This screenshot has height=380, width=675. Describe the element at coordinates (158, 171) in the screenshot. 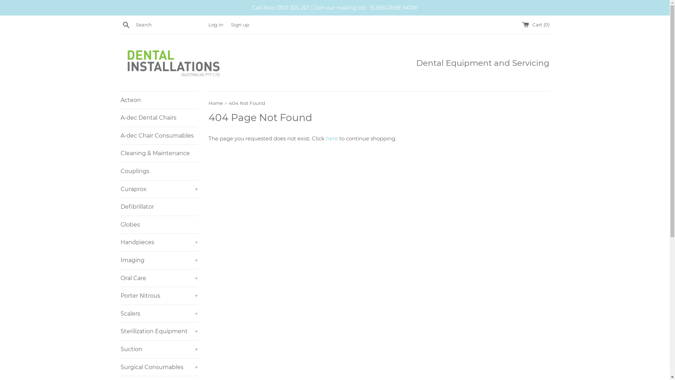

I see `'Couplings'` at that location.